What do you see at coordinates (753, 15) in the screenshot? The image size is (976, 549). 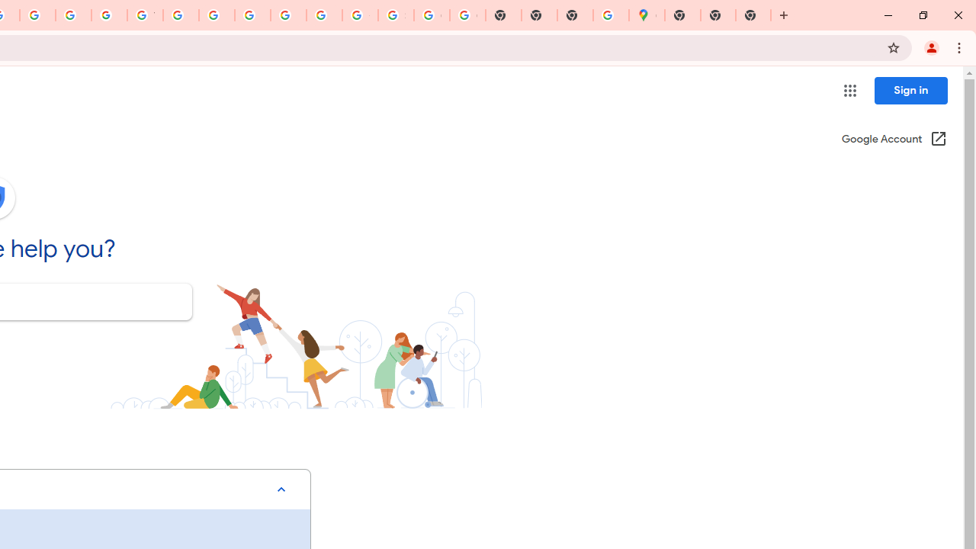 I see `'New Tab'` at bounding box center [753, 15].